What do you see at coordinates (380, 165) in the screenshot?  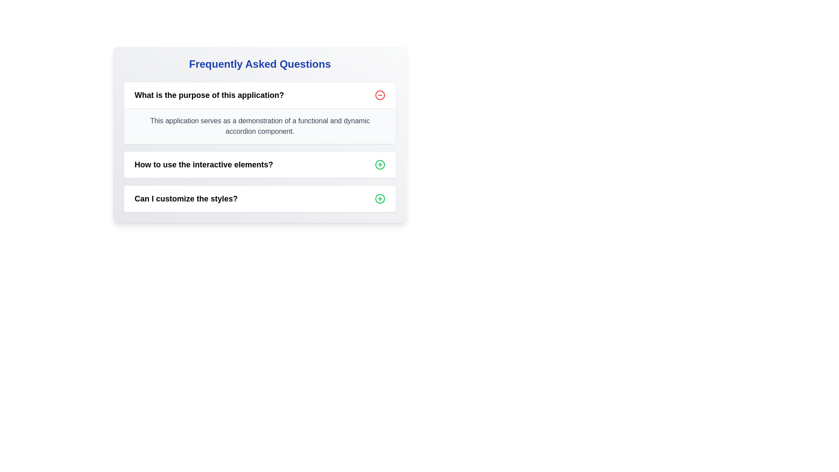 I see `the Circle SVG graphical element that forms the base for the plus symbol, located to the far right of the 'How to use the interactive elements?' question in the FAQ-style list` at bounding box center [380, 165].